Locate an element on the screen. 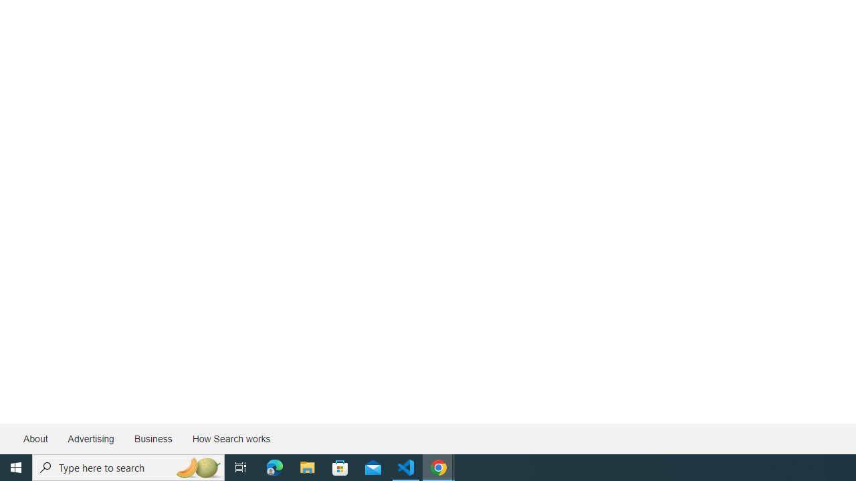 The height and width of the screenshot is (481, 856). 'Advertising' is located at coordinates (90, 439).